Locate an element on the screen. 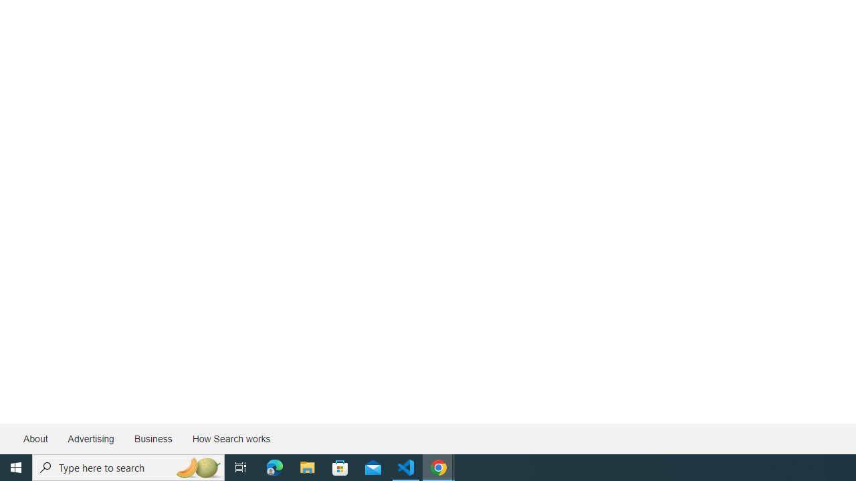 The height and width of the screenshot is (481, 856). 'Advertising' is located at coordinates (90, 439).